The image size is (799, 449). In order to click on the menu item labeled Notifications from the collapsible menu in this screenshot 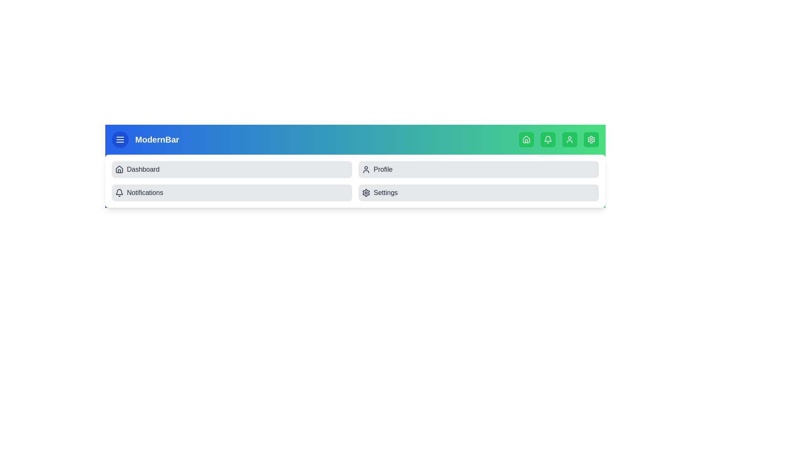, I will do `click(232, 192)`.